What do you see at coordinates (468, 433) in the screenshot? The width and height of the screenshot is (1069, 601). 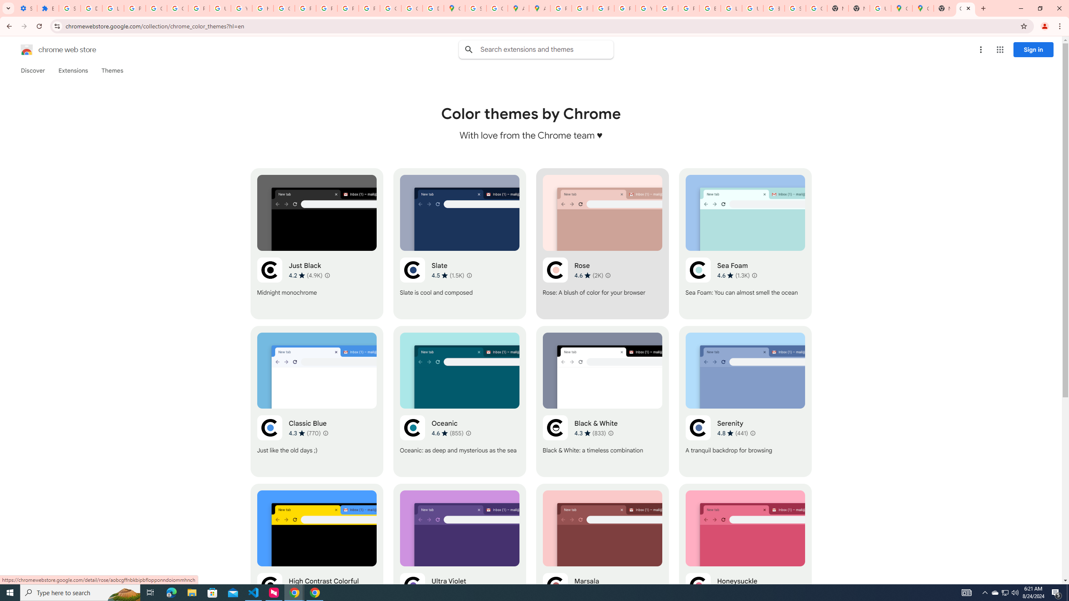 I see `'Learn more about results and reviews "Oceanic"'` at bounding box center [468, 433].